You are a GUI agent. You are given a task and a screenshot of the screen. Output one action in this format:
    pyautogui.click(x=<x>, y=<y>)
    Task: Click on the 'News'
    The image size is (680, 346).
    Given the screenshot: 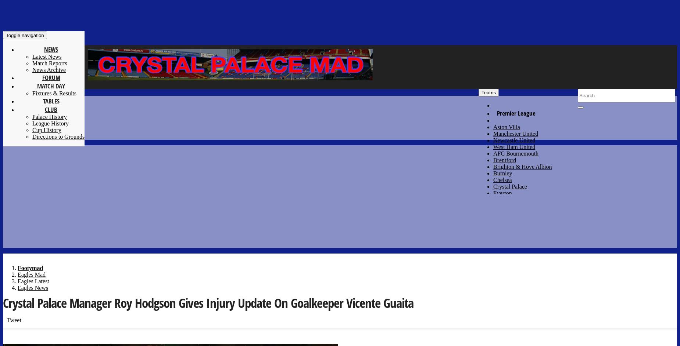 What is the action you would take?
    pyautogui.click(x=50, y=49)
    